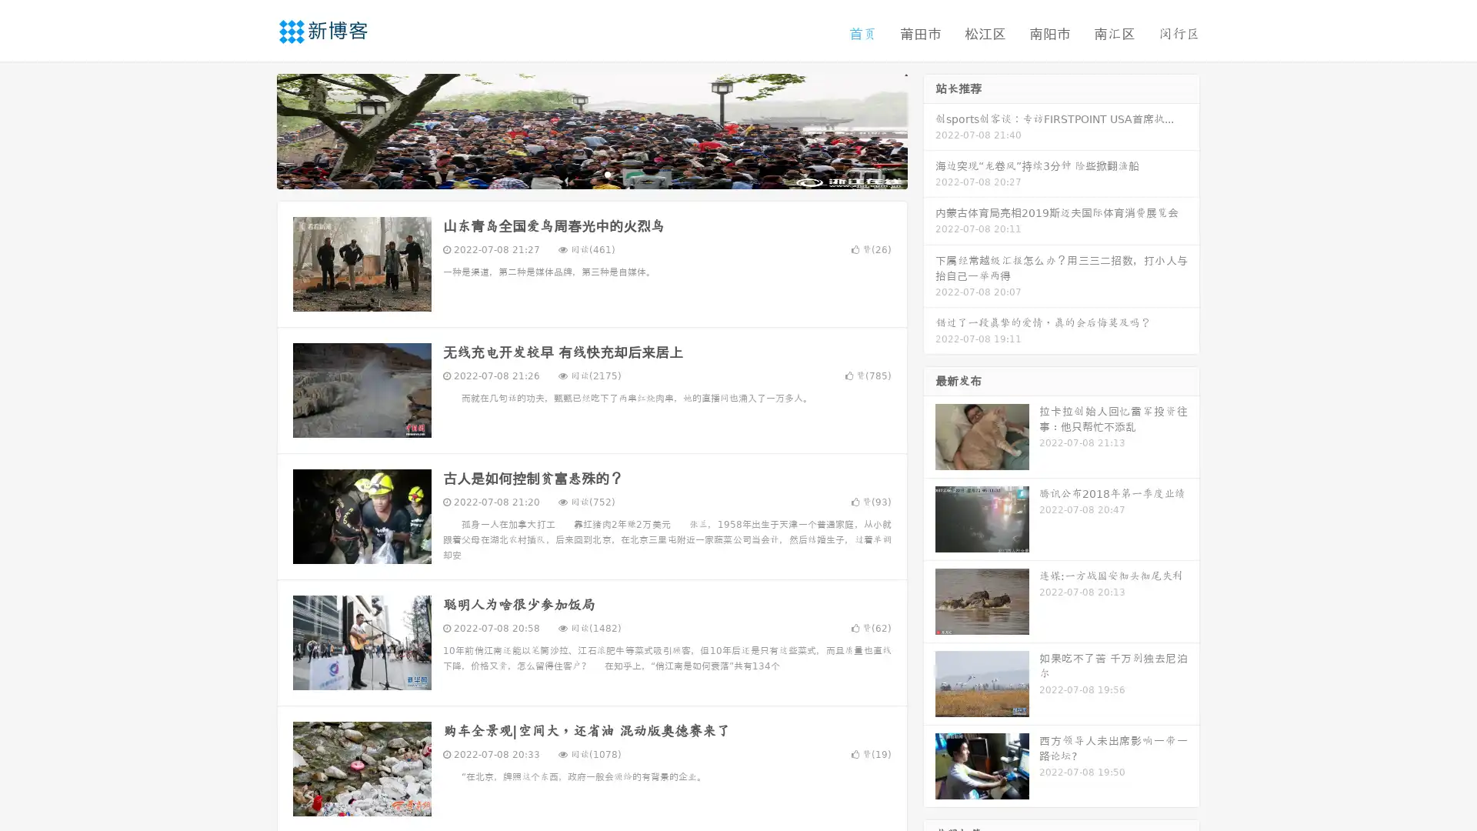 Image resolution: width=1477 pixels, height=831 pixels. I want to click on Previous slide, so click(254, 129).